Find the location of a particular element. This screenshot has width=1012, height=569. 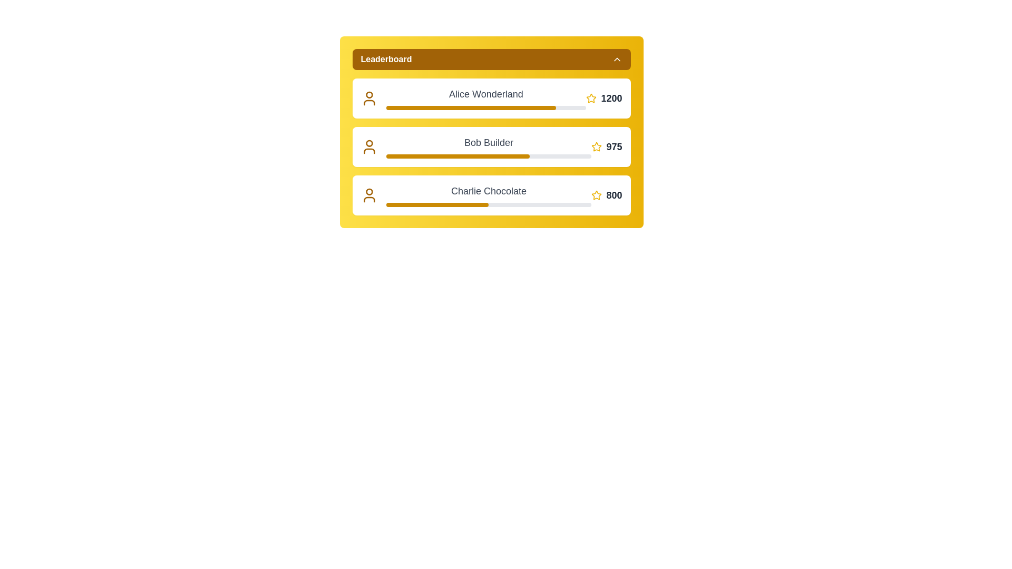

text label displaying 'Alice Wonderland' located above the progress bar in the top entry of the vertical leaderboard list is located at coordinates (485, 98).